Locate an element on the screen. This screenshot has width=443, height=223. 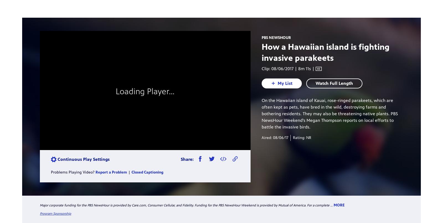
'10/28/2017 | 24m 54s' is located at coordinates (306, 135).